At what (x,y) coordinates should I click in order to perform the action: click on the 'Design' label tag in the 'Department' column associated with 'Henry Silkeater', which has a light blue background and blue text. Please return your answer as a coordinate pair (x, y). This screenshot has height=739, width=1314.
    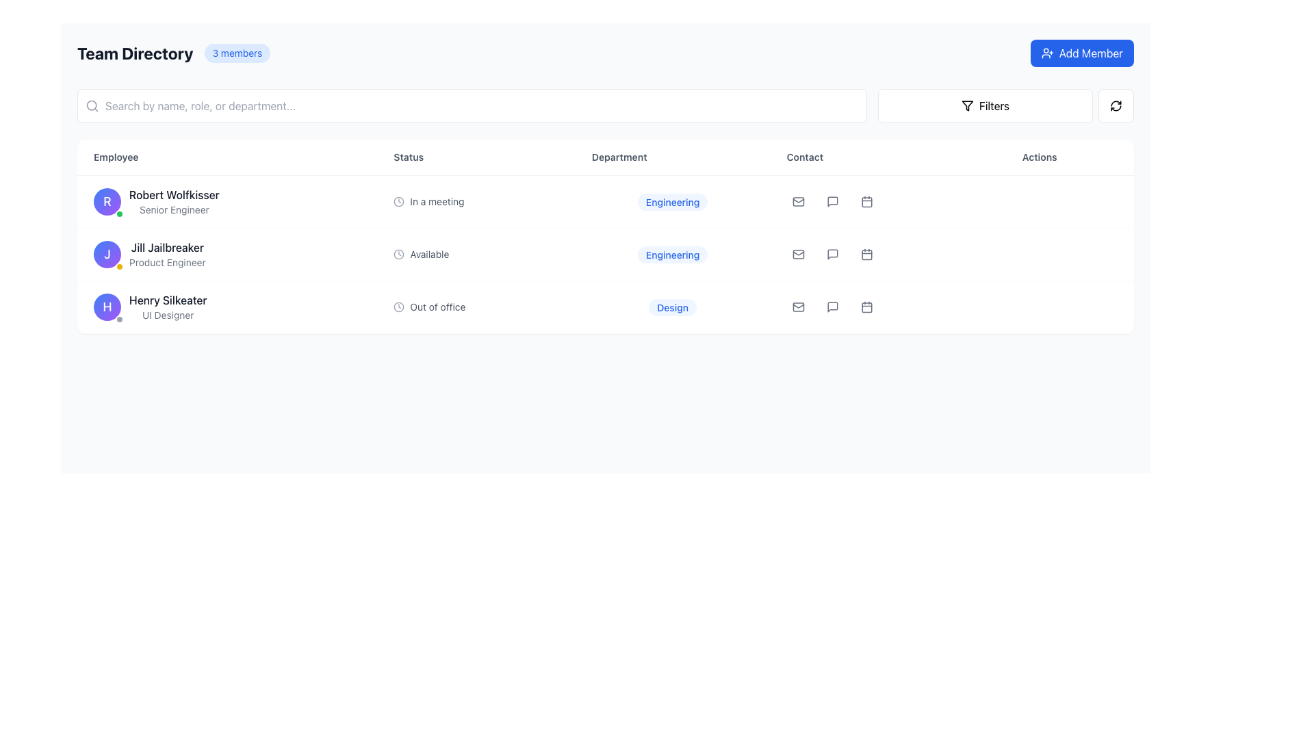
    Looking at the image, I should click on (673, 307).